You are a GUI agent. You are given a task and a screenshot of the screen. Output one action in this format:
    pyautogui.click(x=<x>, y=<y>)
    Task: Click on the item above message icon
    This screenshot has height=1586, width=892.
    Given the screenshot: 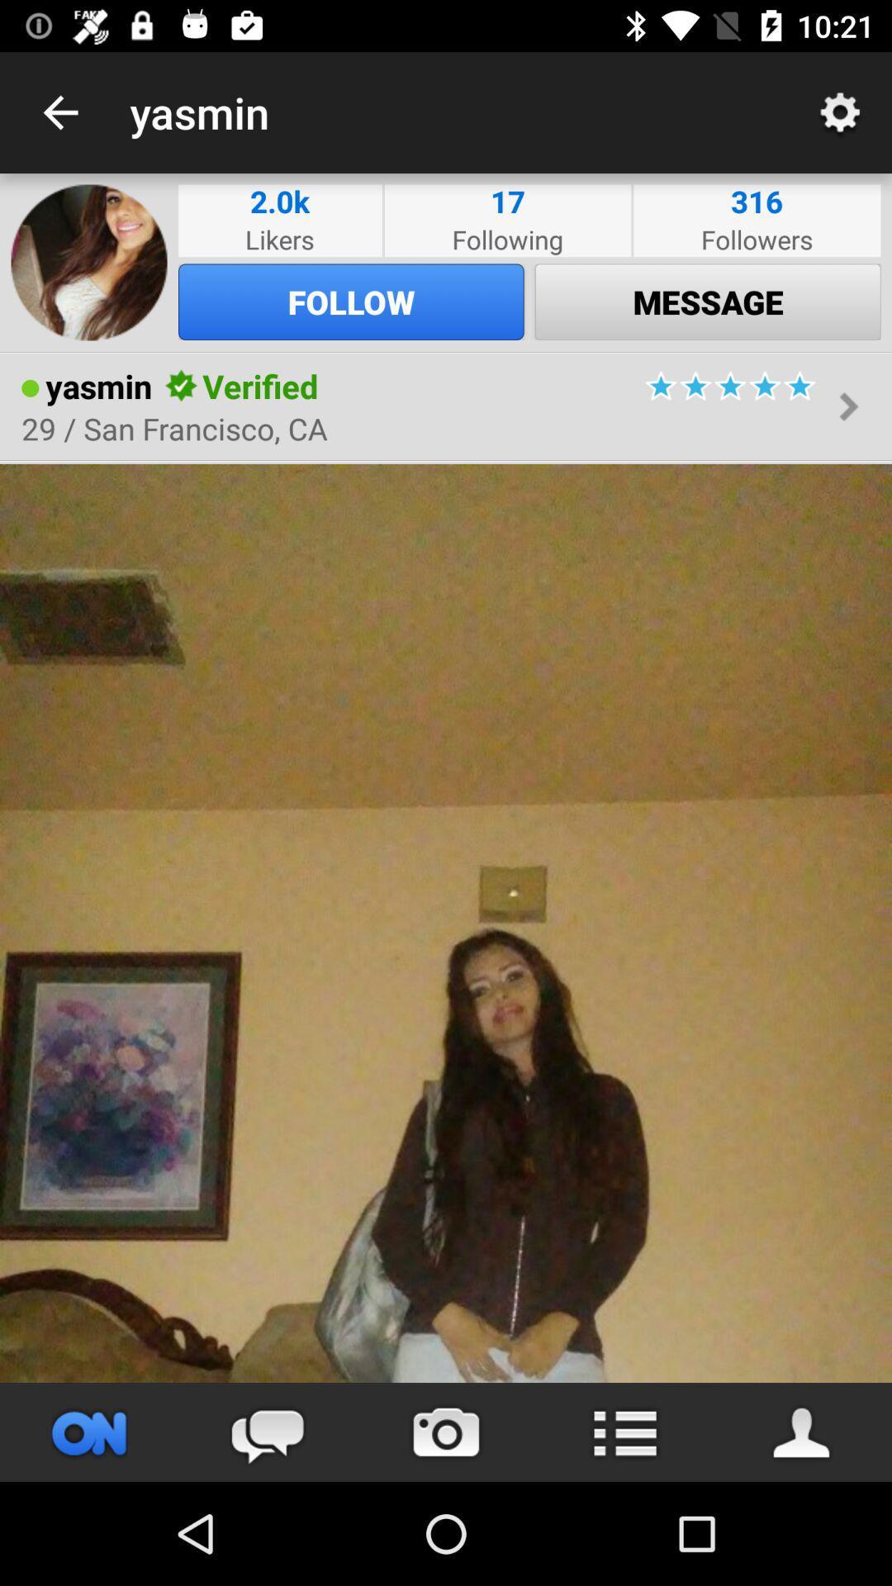 What is the action you would take?
    pyautogui.click(x=757, y=238)
    